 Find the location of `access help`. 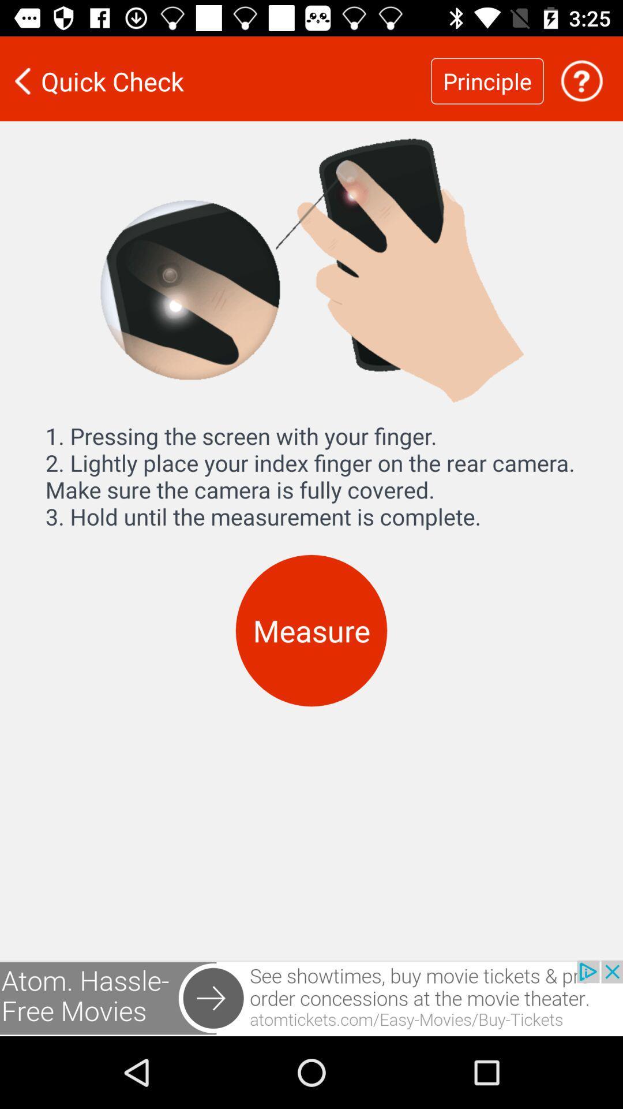

access help is located at coordinates (581, 80).